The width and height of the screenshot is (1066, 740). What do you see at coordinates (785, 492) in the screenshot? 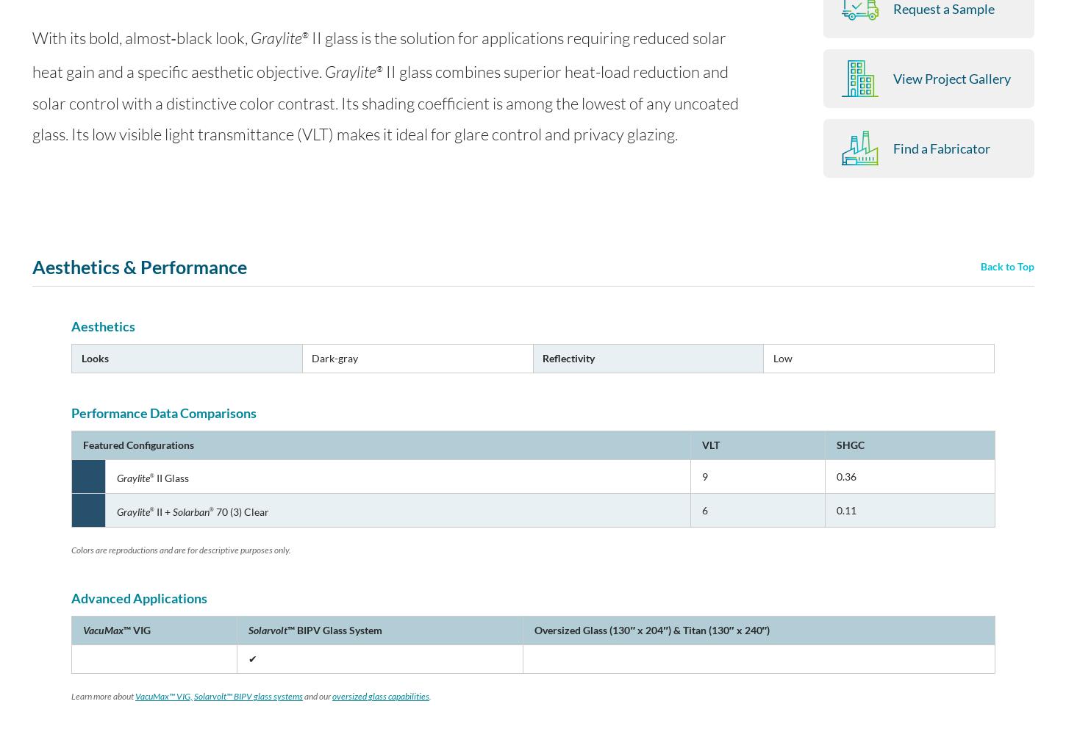
I see `'Find Yours'` at bounding box center [785, 492].